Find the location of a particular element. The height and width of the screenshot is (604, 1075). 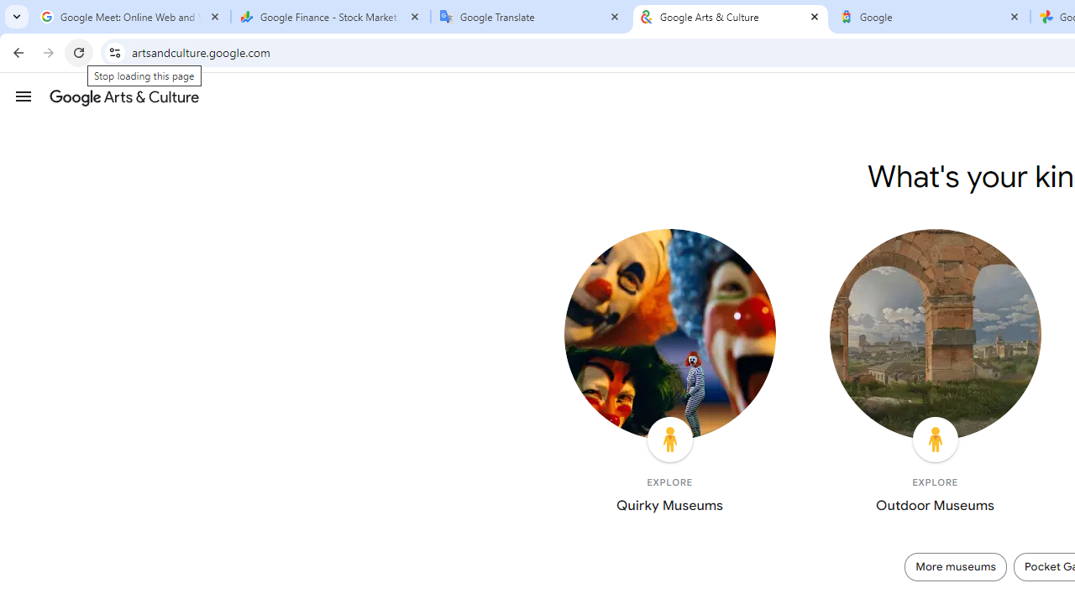

'EXPLORE Outdoor Museums' is located at coordinates (934, 374).